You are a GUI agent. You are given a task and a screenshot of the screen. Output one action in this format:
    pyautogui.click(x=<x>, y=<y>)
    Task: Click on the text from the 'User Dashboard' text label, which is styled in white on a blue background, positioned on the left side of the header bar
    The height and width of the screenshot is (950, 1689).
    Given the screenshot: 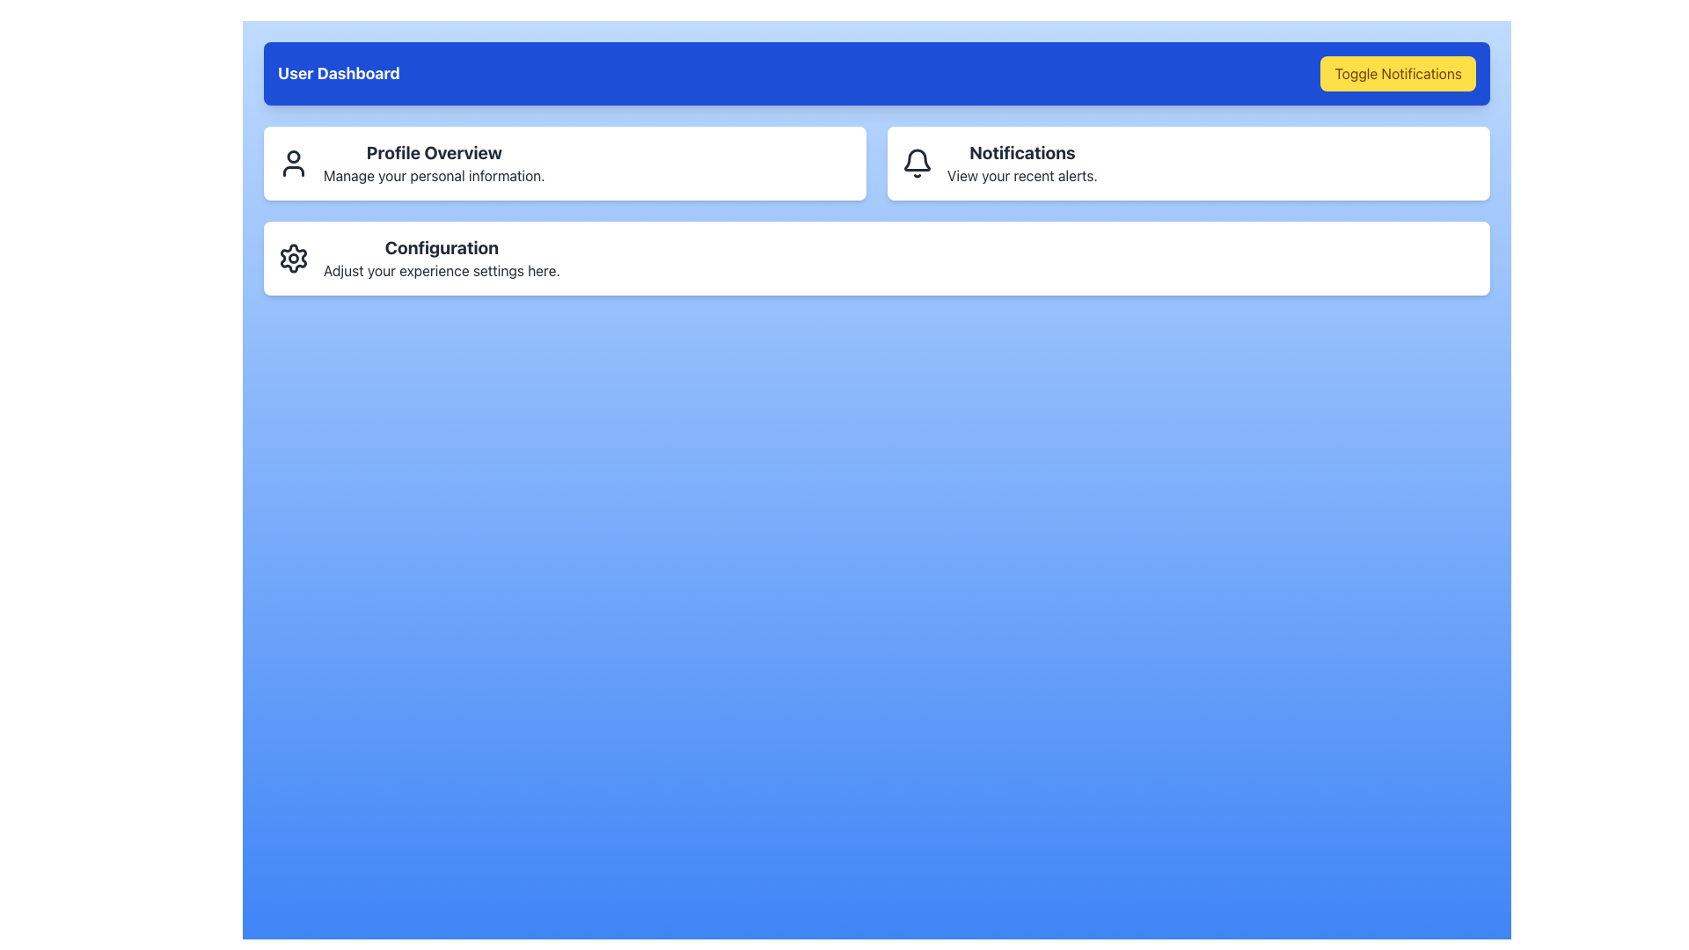 What is the action you would take?
    pyautogui.click(x=339, y=73)
    